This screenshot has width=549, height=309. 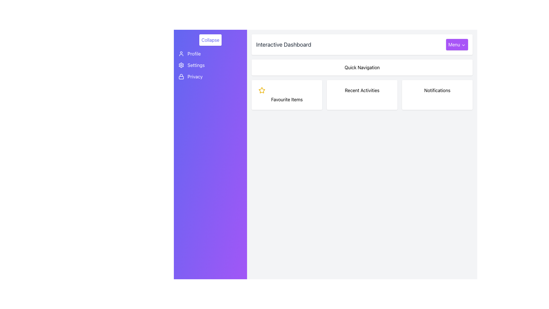 I want to click on the Settings icon located in the left sidebar, which is the first icon above the text label 'Settings', so click(x=181, y=65).